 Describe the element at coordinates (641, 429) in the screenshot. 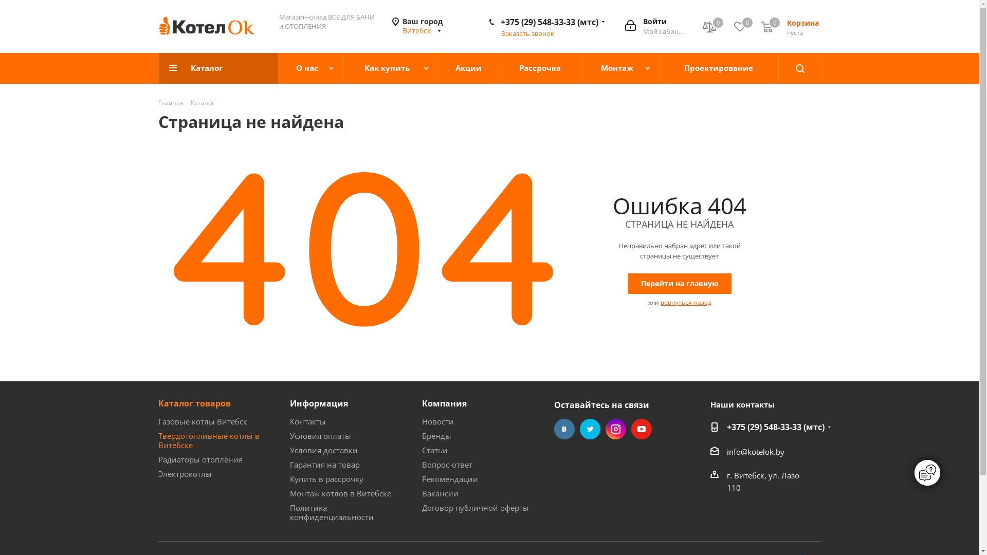

I see `'YouTube'` at that location.